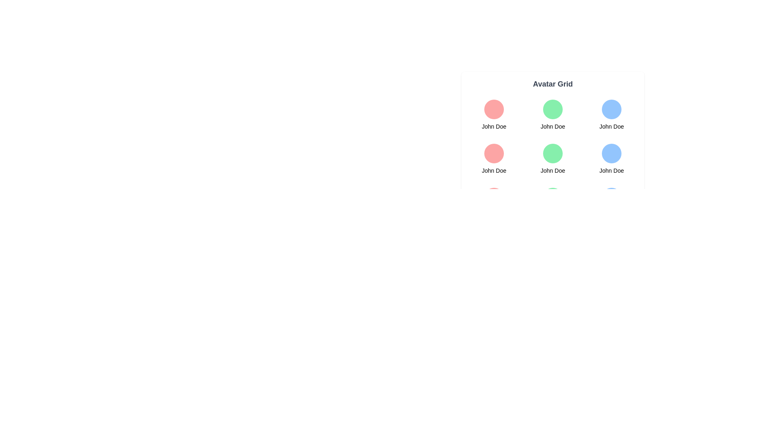 The image size is (784, 441). What do you see at coordinates (552, 84) in the screenshot?
I see `the 'Avatar Grid' text label, which is a bold and slightly larger dark gray font positioned above a grid of avatars` at bounding box center [552, 84].